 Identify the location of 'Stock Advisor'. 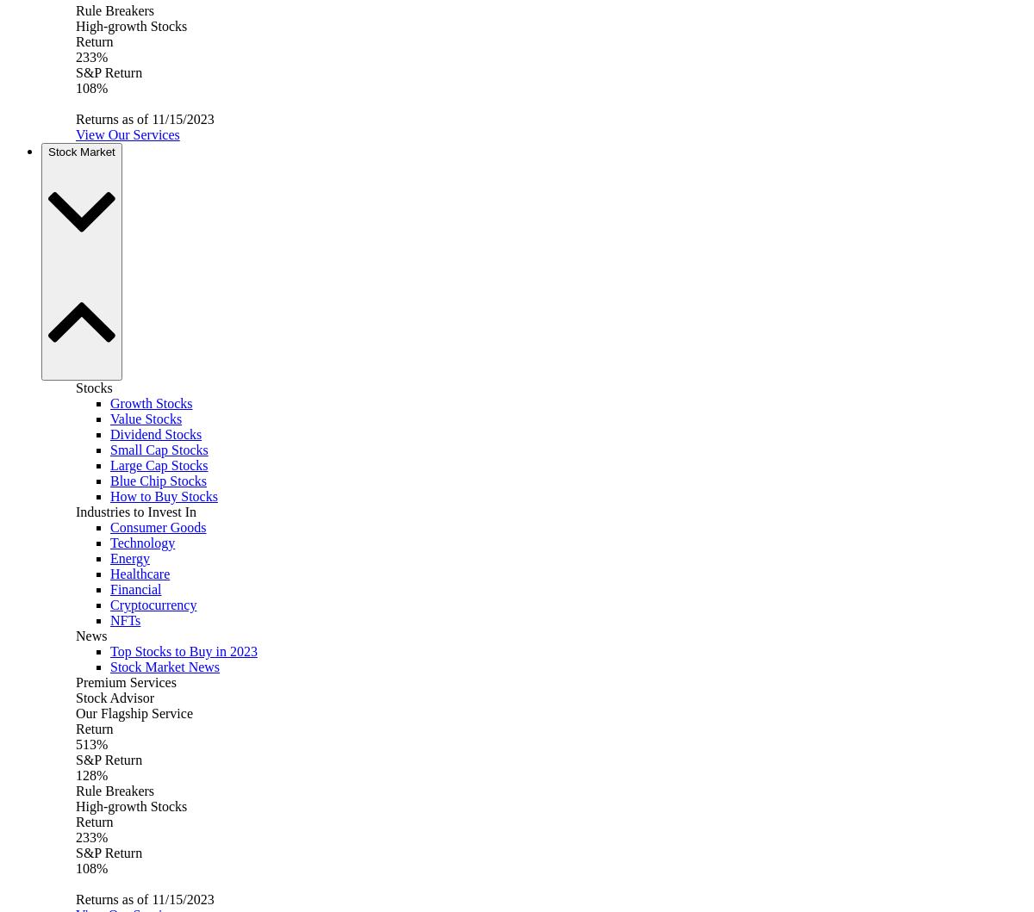
(115, 697).